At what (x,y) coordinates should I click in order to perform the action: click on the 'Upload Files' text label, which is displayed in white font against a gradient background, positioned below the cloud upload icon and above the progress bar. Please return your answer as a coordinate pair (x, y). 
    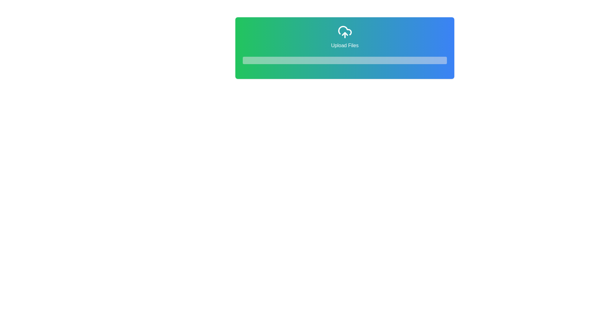
    Looking at the image, I should click on (344, 45).